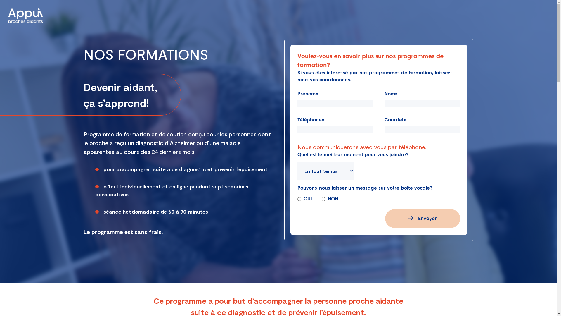  I want to click on 'Envoyer', so click(423, 219).